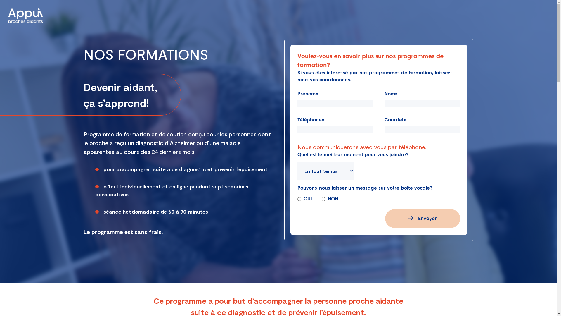  I want to click on 'Envoyer', so click(423, 219).